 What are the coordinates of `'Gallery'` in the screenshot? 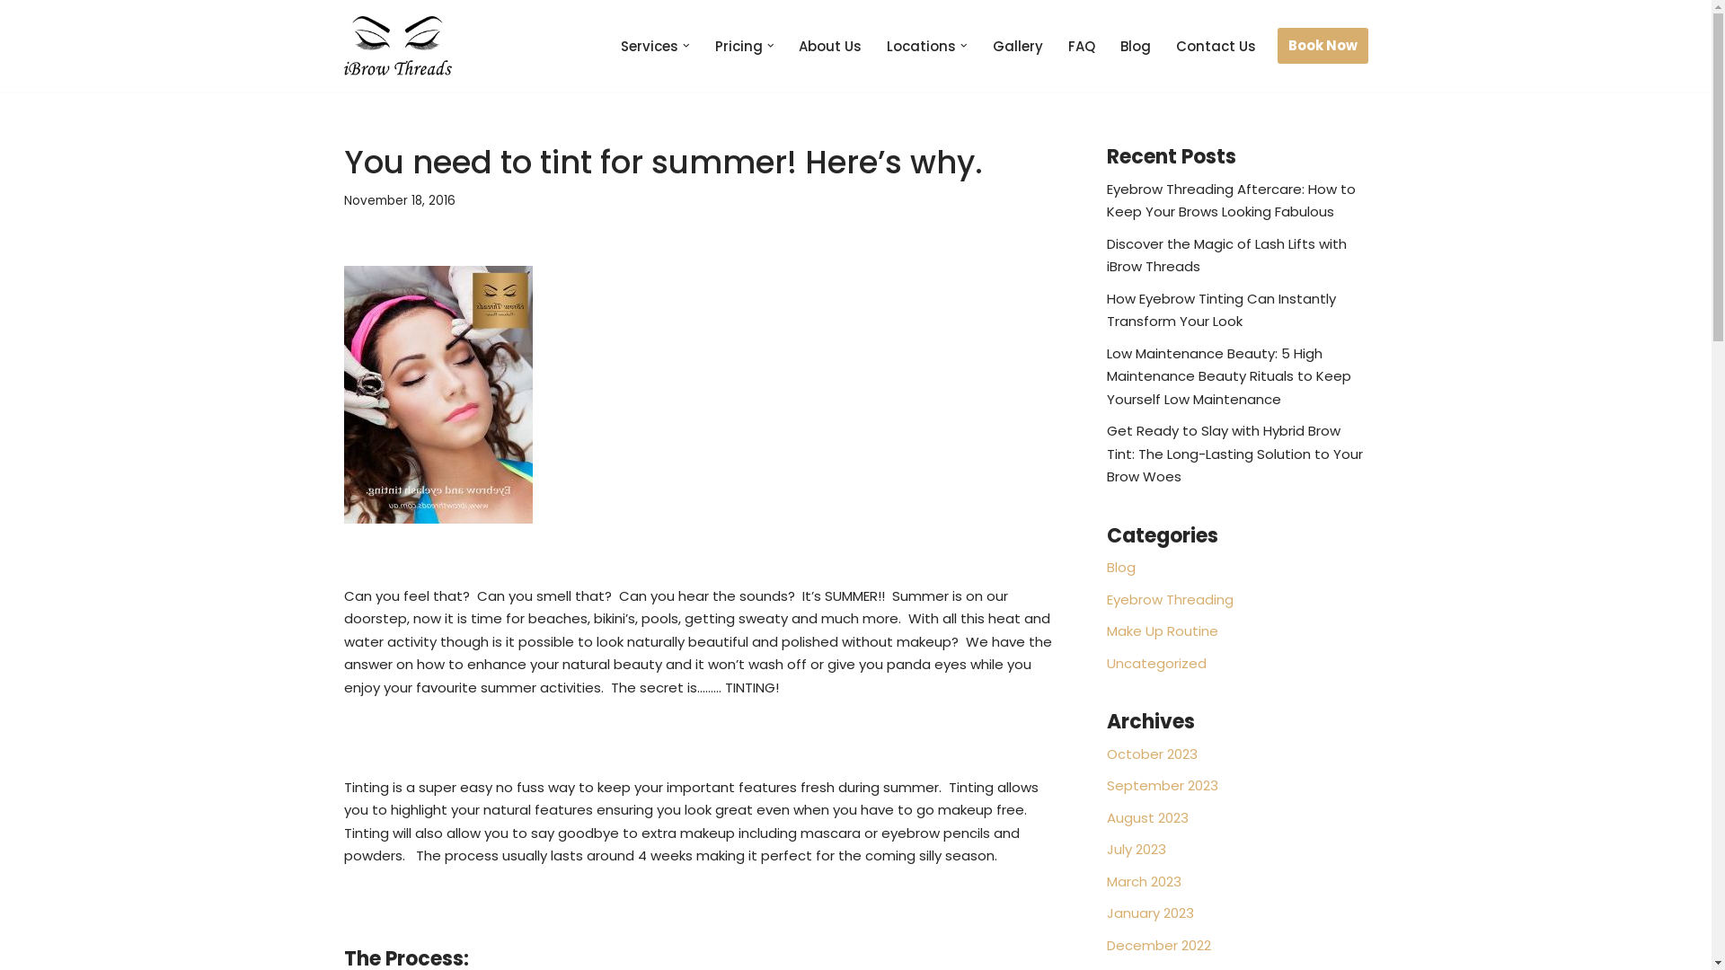 It's located at (1017, 45).